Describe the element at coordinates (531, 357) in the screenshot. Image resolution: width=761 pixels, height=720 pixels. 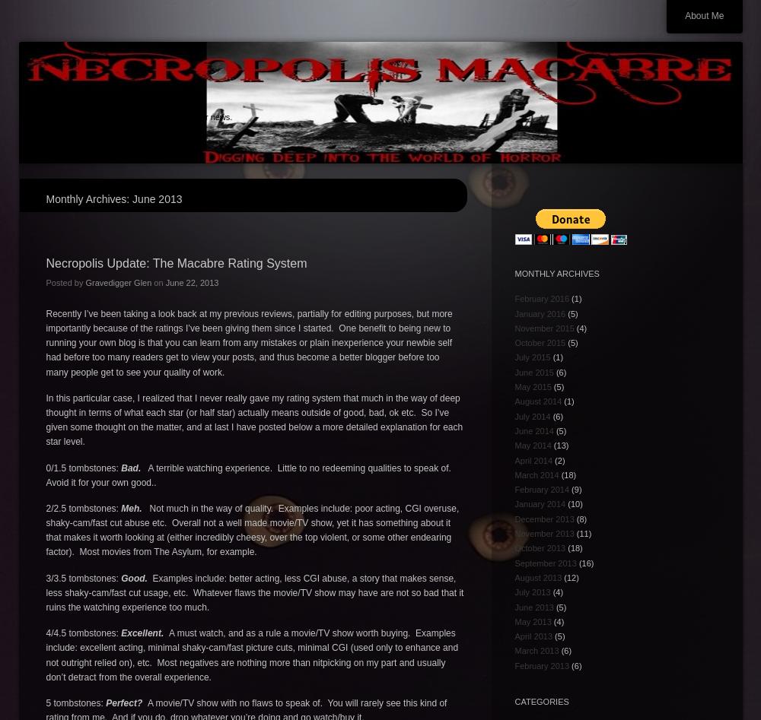
I see `'July 2015'` at that location.